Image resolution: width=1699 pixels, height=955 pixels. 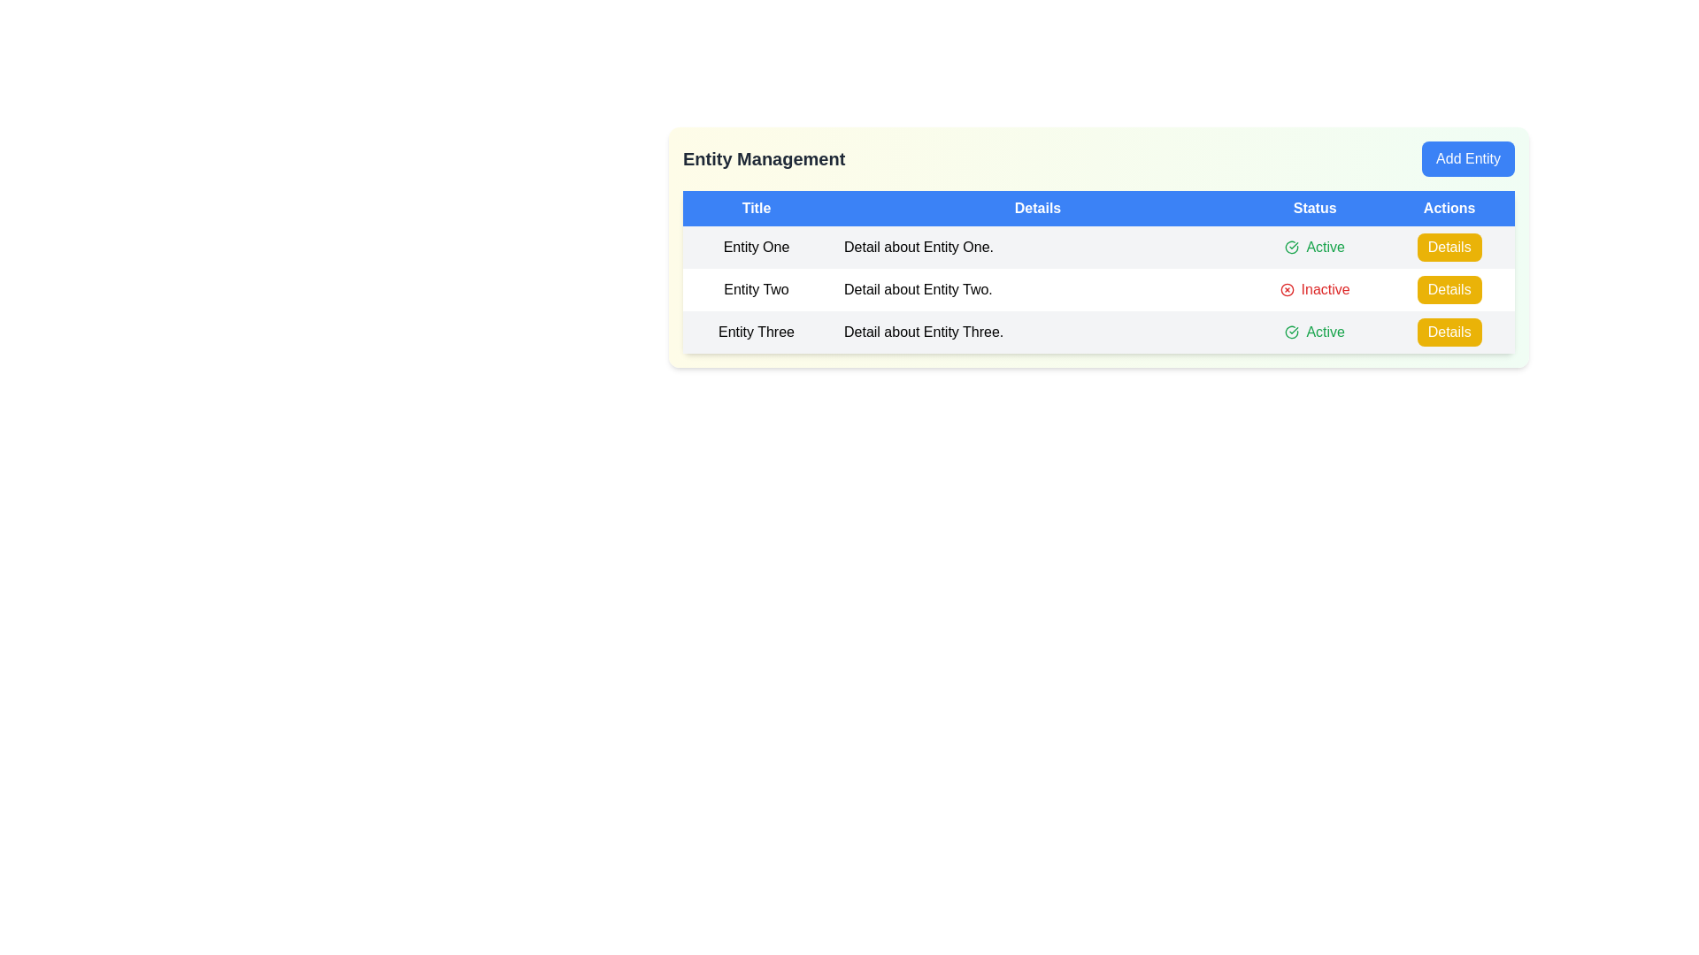 What do you see at coordinates (1468, 159) in the screenshot?
I see `the 'Add New Entity' button located in the top-right corner of the 'Entity Management' section to change its shade of blue` at bounding box center [1468, 159].